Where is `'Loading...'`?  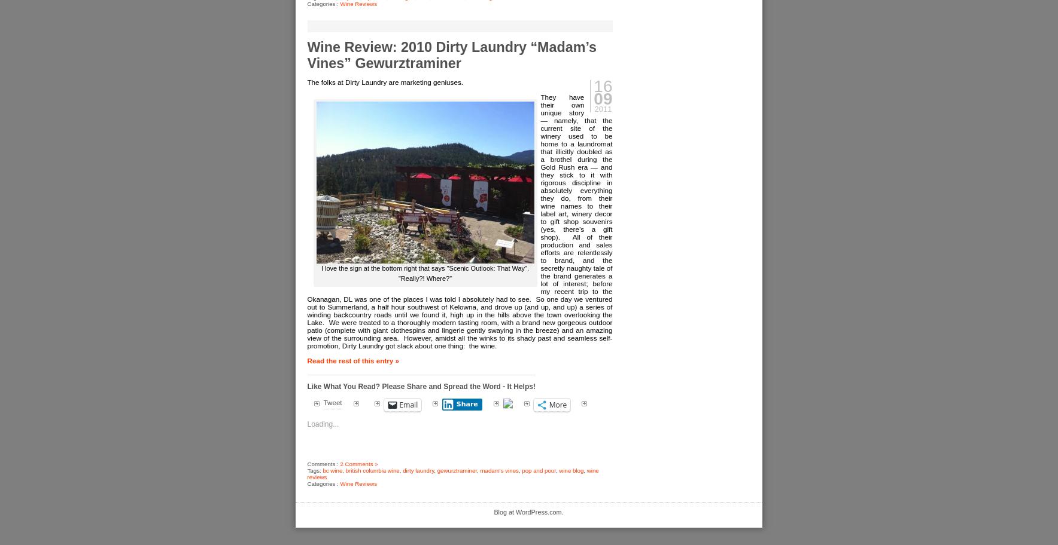 'Loading...' is located at coordinates (322, 424).